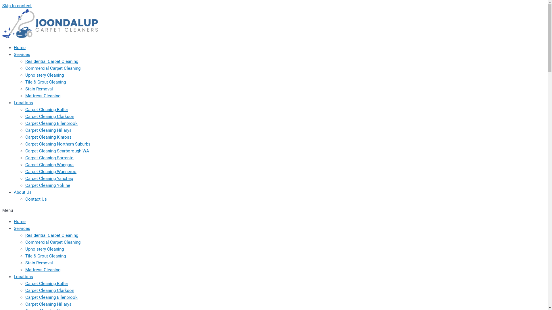  What do you see at coordinates (48, 130) in the screenshot?
I see `'Carpet Cleaning Hillarys'` at bounding box center [48, 130].